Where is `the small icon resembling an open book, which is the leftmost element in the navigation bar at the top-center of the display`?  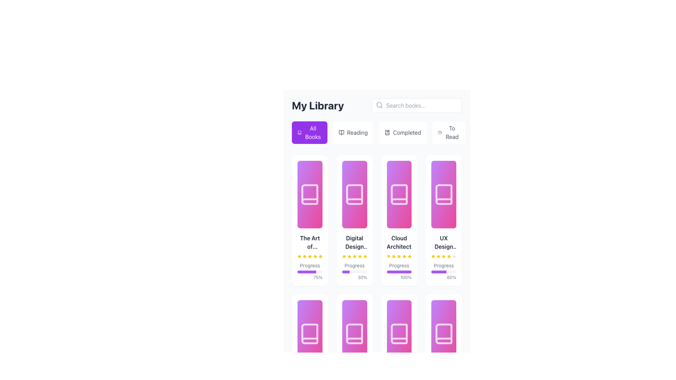 the small icon resembling an open book, which is the leftmost element in the navigation bar at the top-center of the display is located at coordinates (341, 133).